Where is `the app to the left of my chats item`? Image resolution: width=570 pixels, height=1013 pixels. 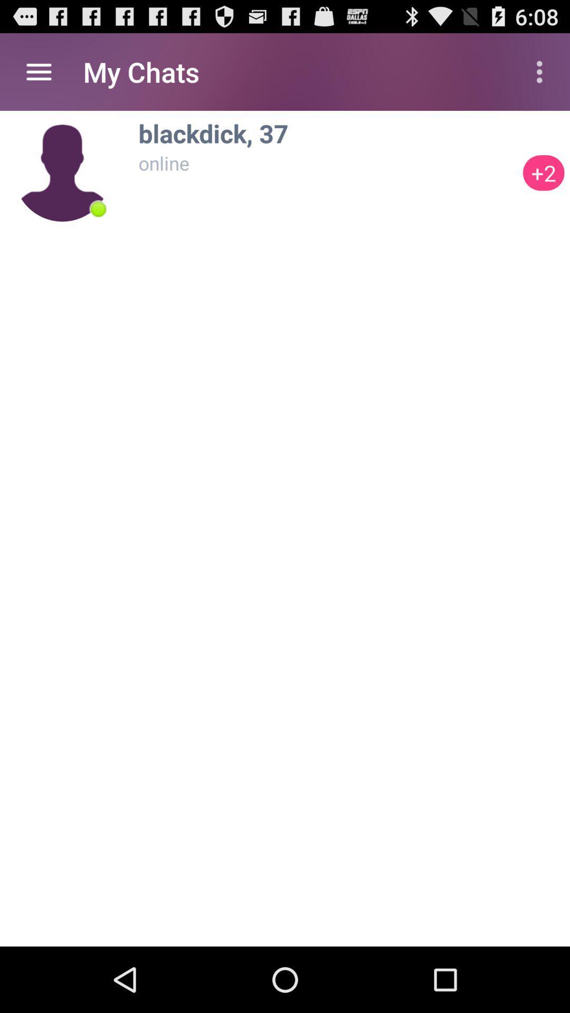
the app to the left of my chats item is located at coordinates (38, 71).